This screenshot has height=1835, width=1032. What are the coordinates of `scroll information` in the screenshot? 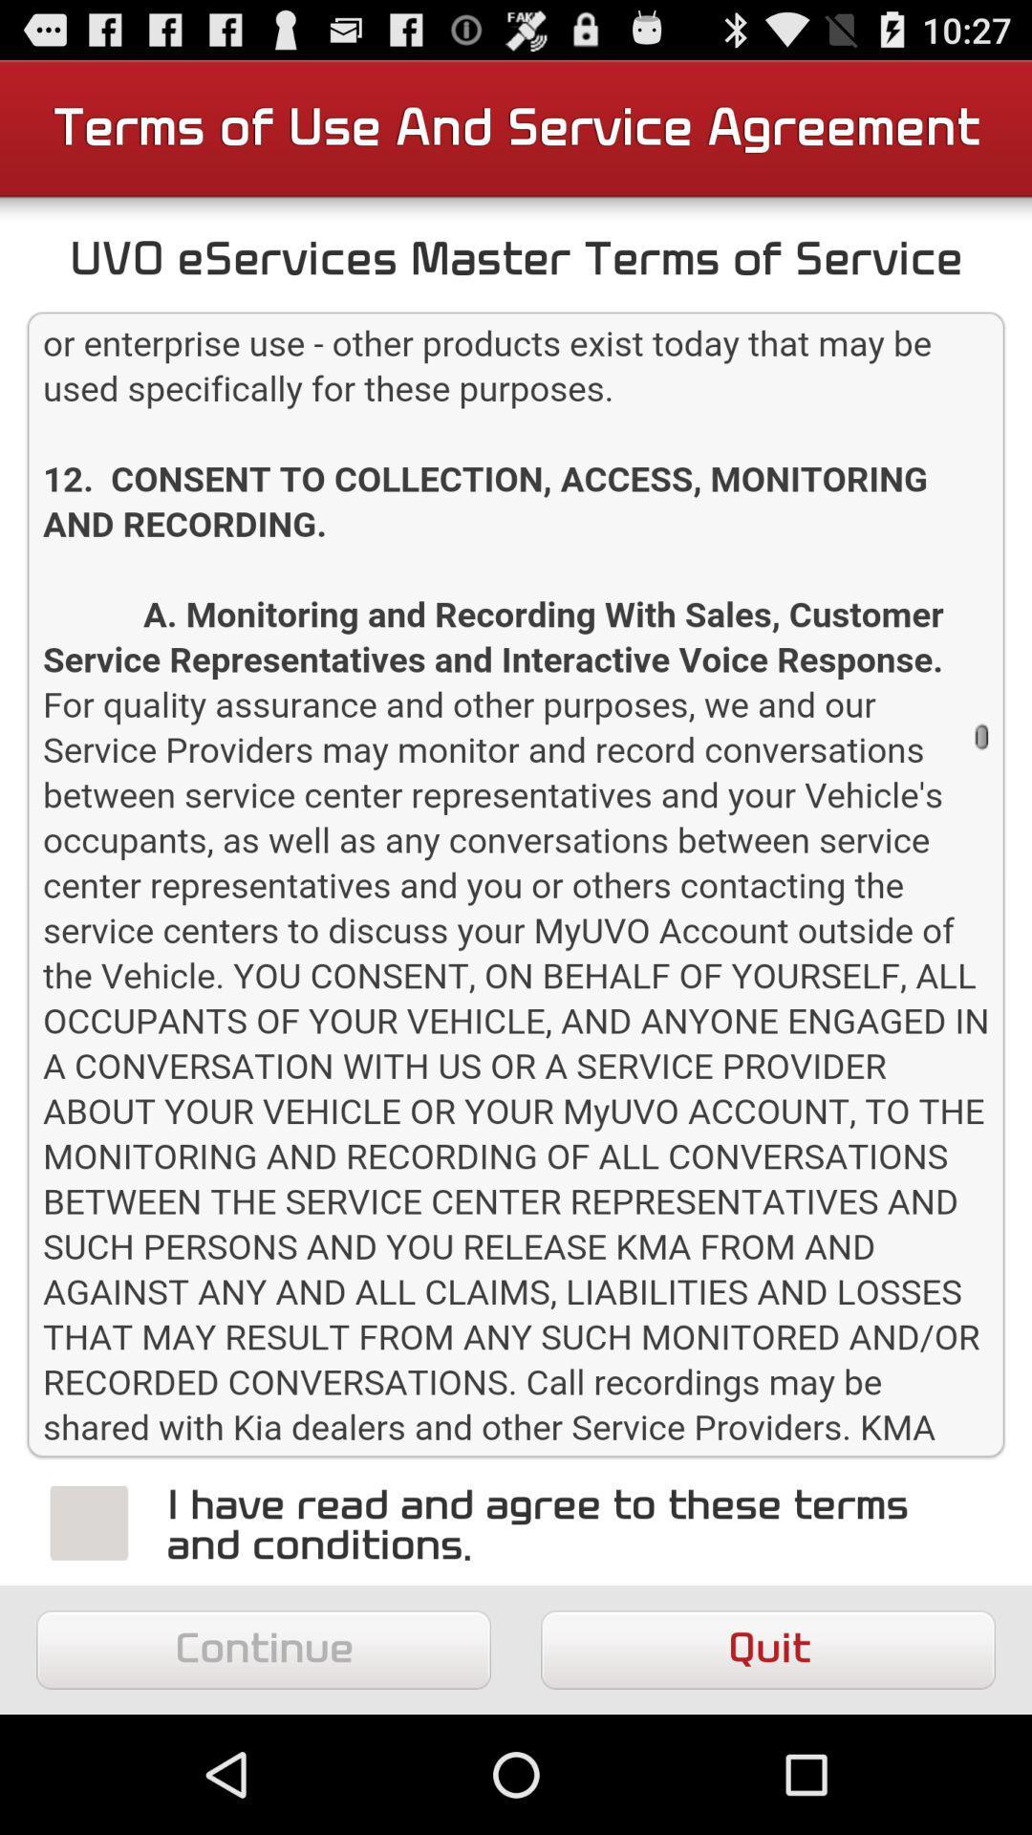 It's located at (516, 883).